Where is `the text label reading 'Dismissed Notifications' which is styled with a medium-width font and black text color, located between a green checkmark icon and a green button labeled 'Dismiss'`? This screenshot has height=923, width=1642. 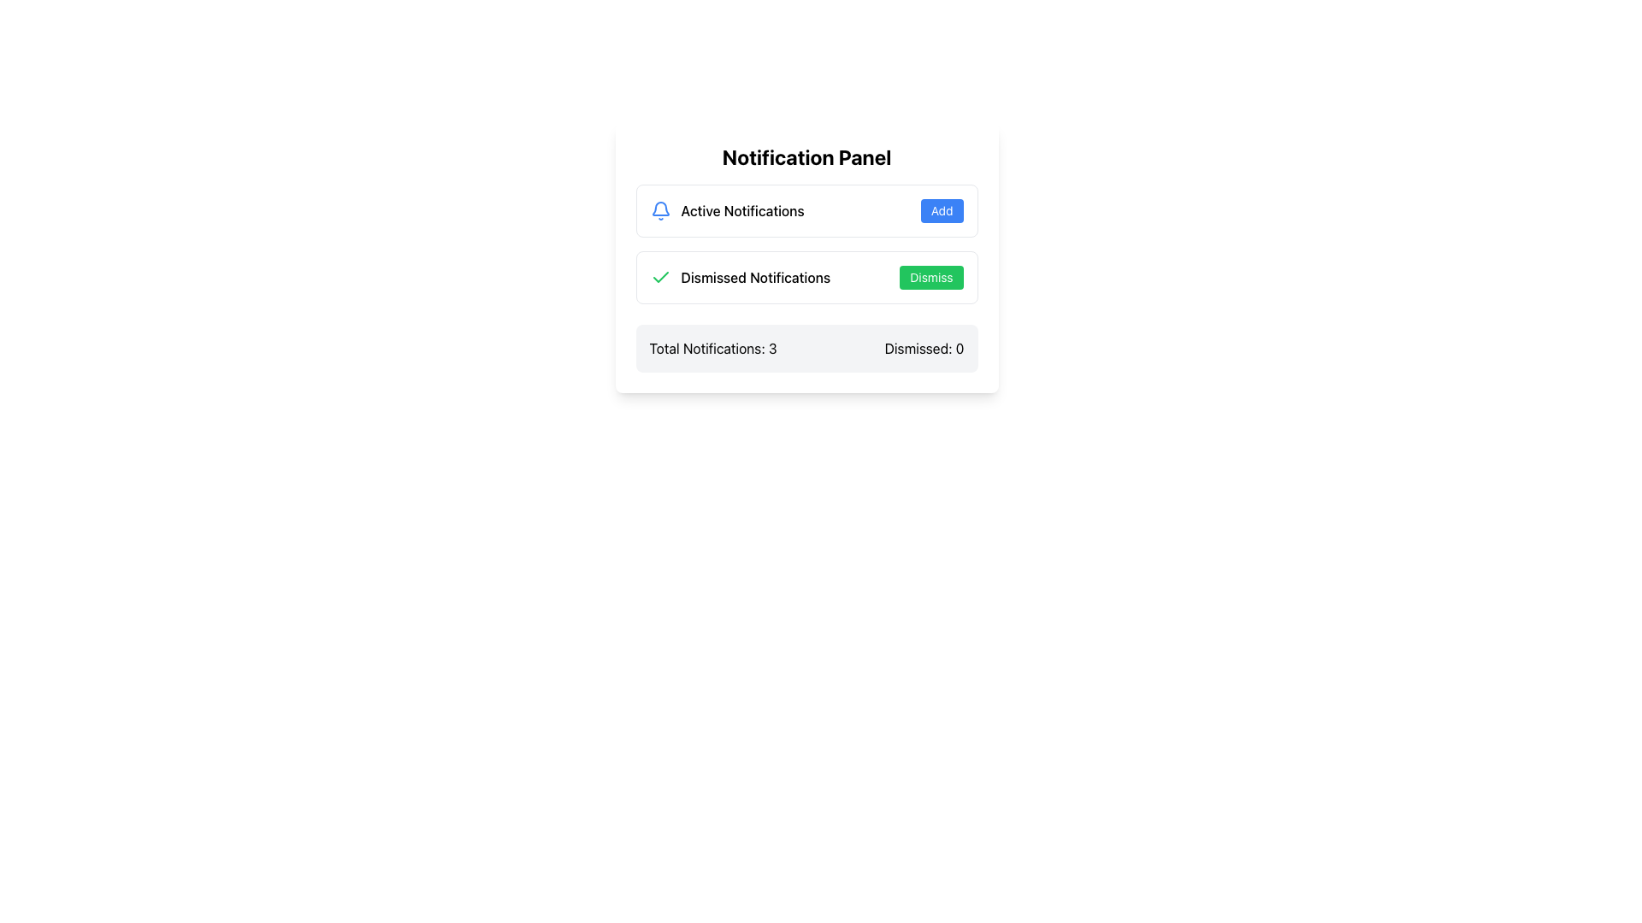 the text label reading 'Dismissed Notifications' which is styled with a medium-width font and black text color, located between a green checkmark icon and a green button labeled 'Dismiss' is located at coordinates (754, 276).